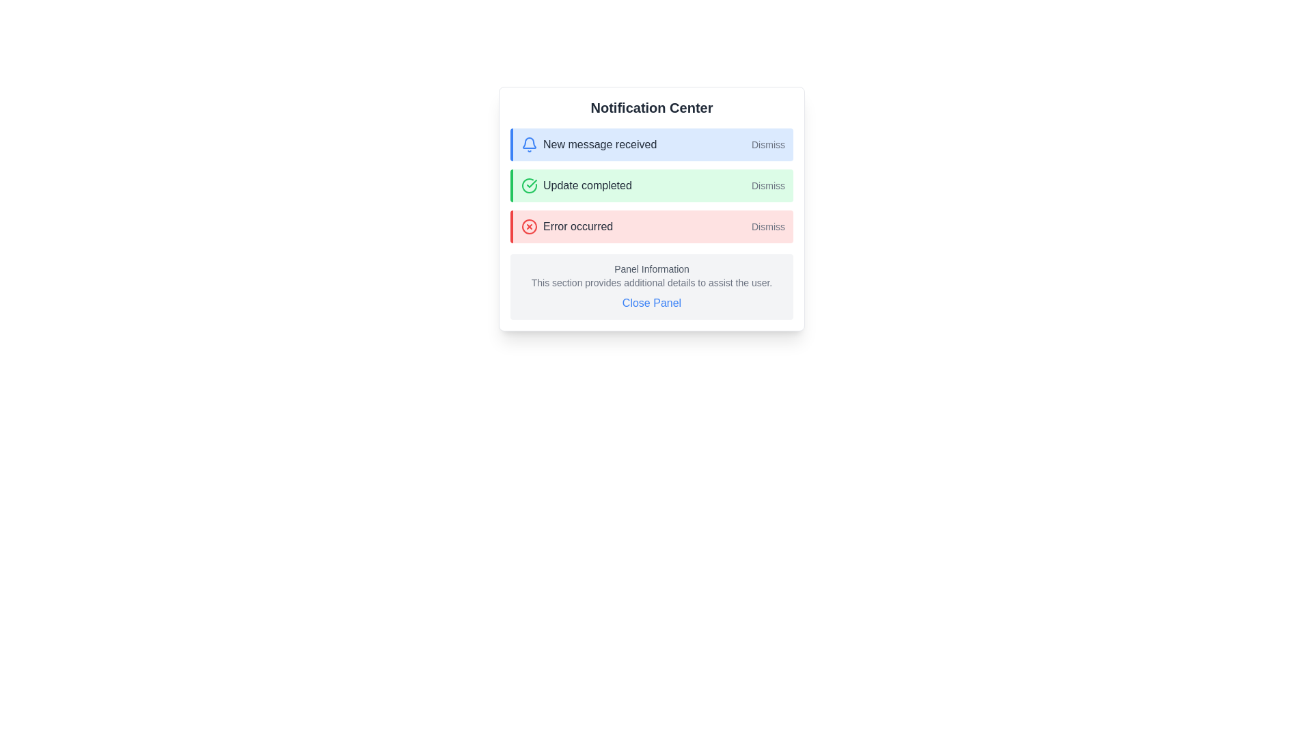 The width and height of the screenshot is (1312, 738). Describe the element at coordinates (768, 186) in the screenshot. I see `the 'Dismiss' button on the right side of the green-themed notification banner to change its color` at that location.